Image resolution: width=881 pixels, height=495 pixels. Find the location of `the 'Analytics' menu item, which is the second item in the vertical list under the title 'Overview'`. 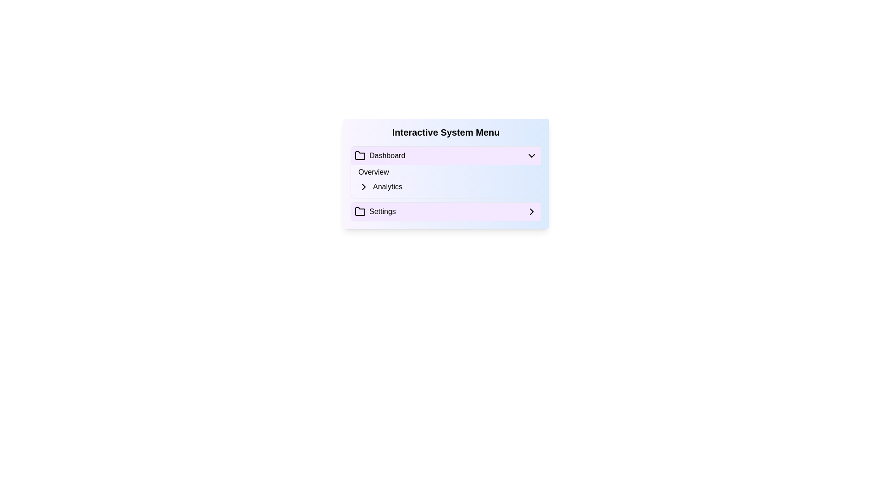

the 'Analytics' menu item, which is the second item in the vertical list under the title 'Overview' is located at coordinates (449, 187).